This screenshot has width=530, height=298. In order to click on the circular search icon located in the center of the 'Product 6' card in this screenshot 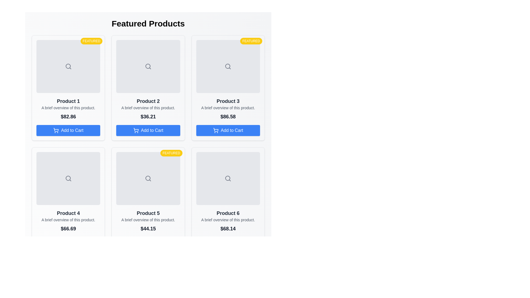, I will do `click(228, 178)`.